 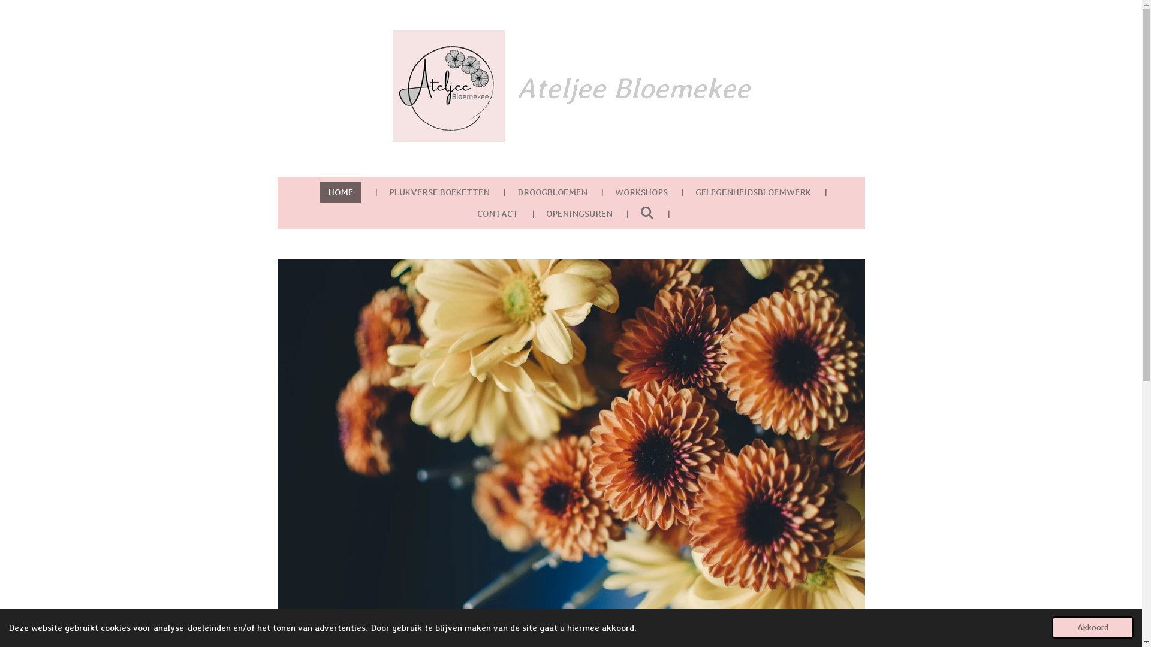 I want to click on 'Zoeken', so click(x=647, y=212).